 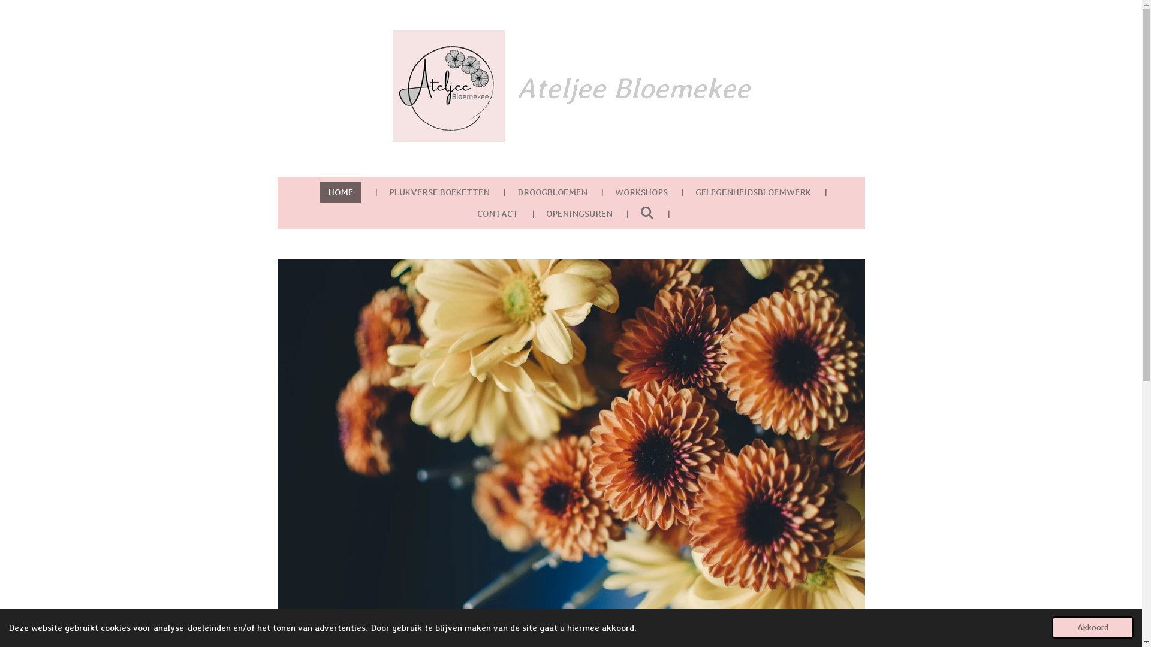 I want to click on 'Zoeken', so click(x=647, y=212).